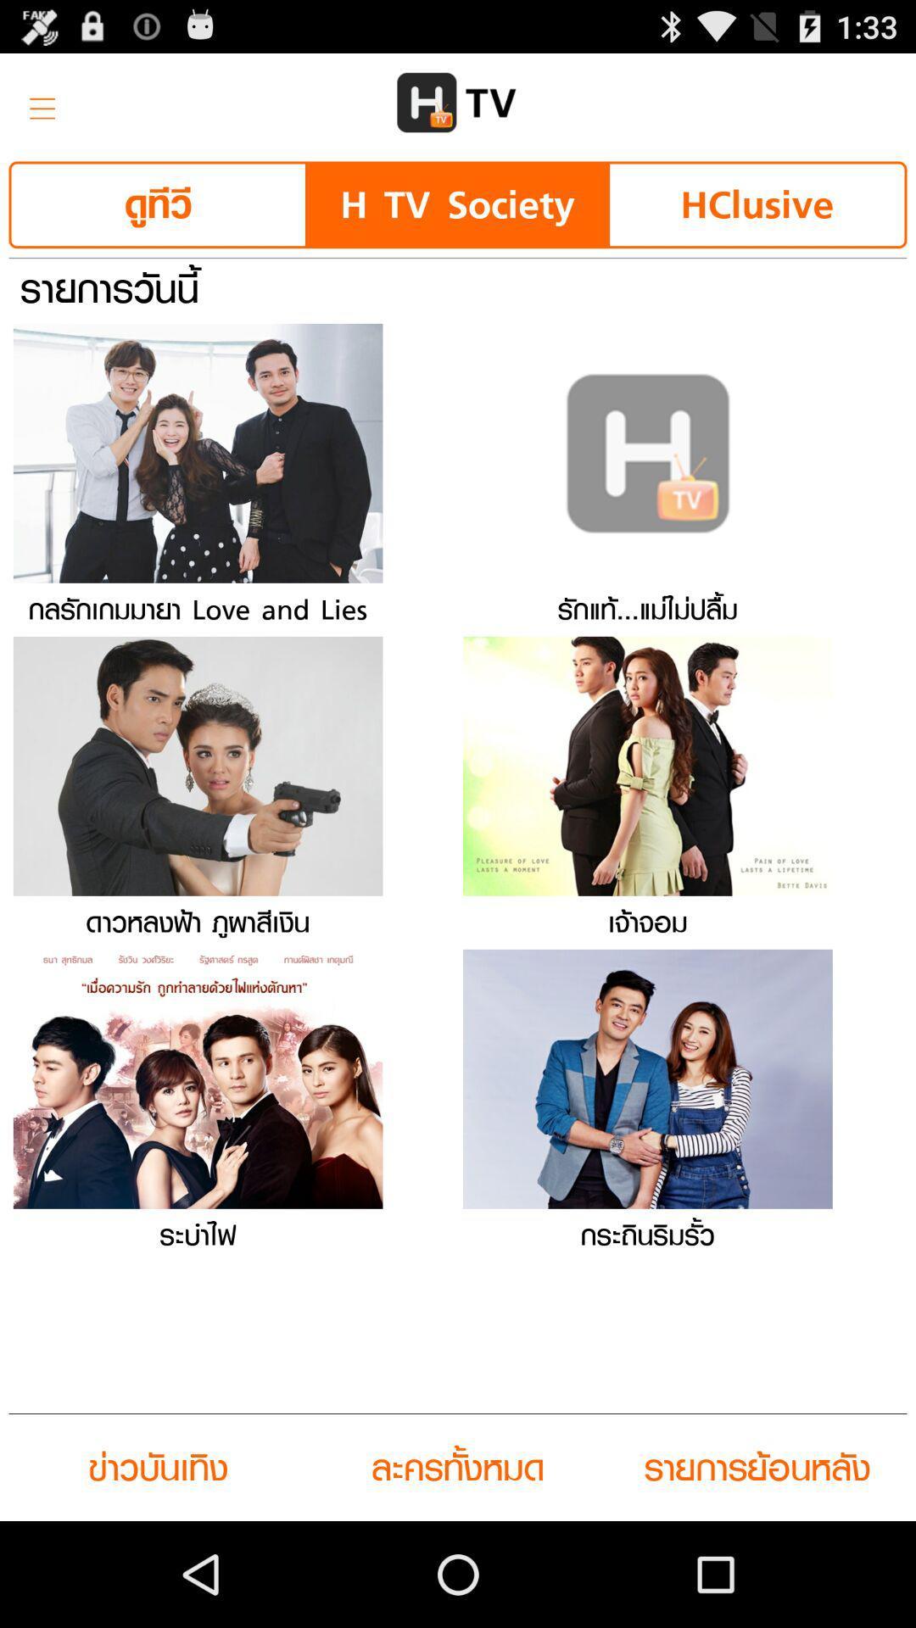 This screenshot has height=1628, width=916. What do you see at coordinates (756, 203) in the screenshot?
I see `item to the right of the h tv society item` at bounding box center [756, 203].